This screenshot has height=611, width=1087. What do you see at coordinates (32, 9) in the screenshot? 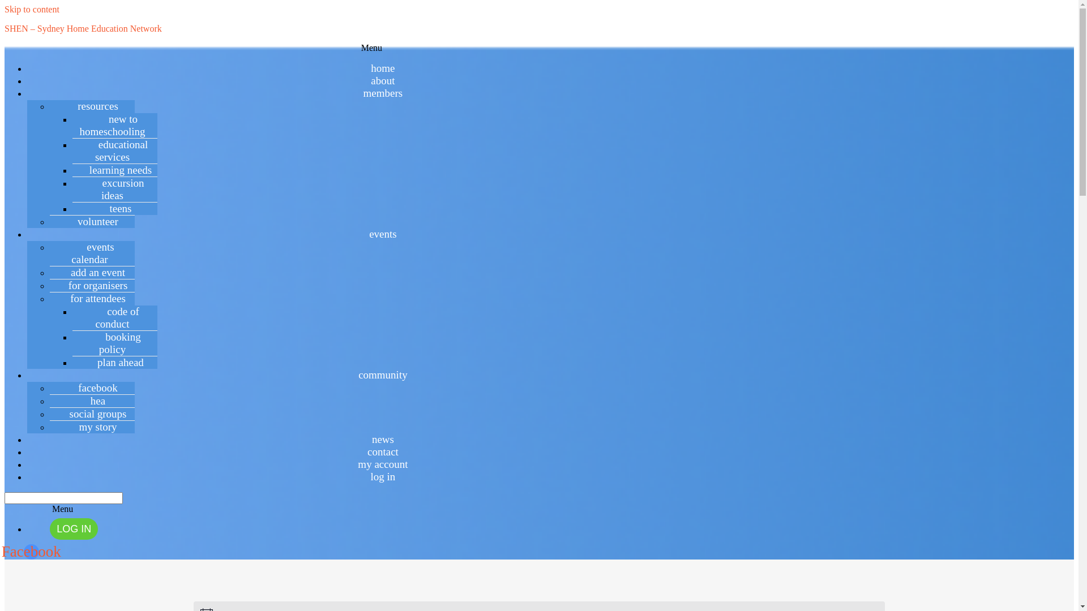
I see `'Skip to content'` at bounding box center [32, 9].